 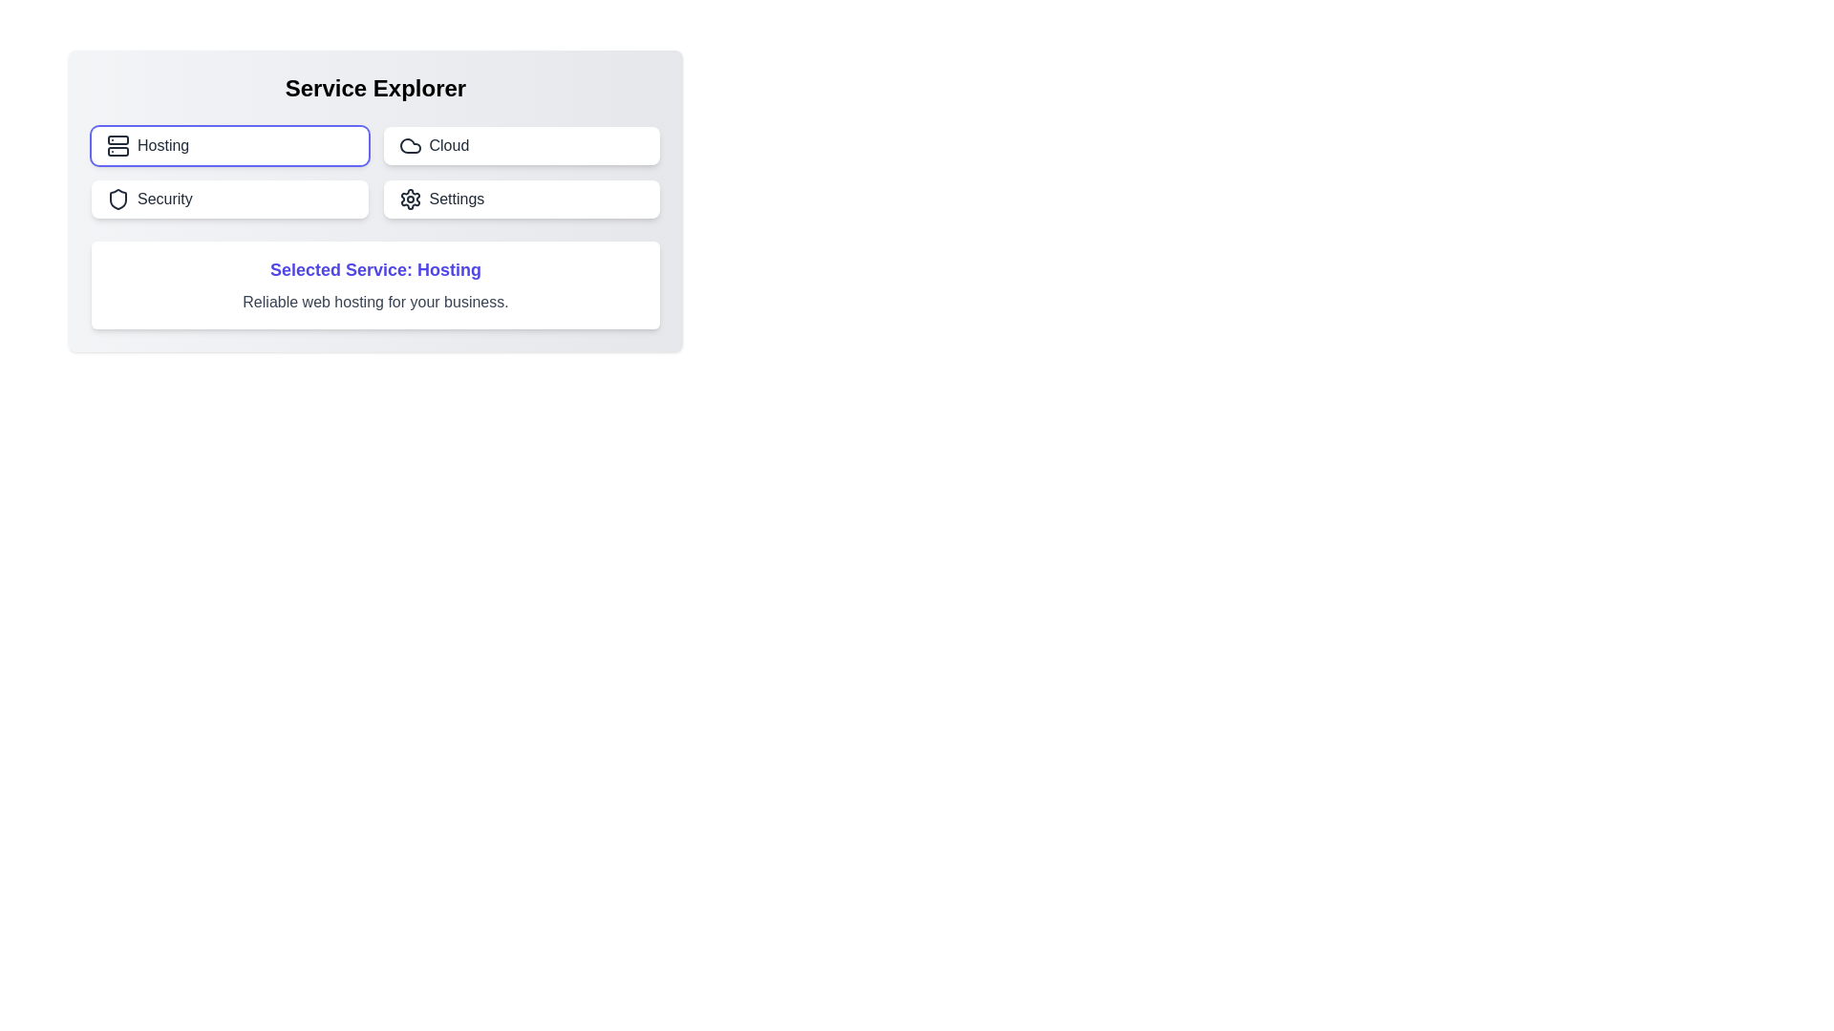 I want to click on the 'Settings' text label, which is the fourth button in a horizontal row of selectable buttons, visually distinguished by a cogwheel icon, located in the top-right of the row, so click(x=456, y=199).